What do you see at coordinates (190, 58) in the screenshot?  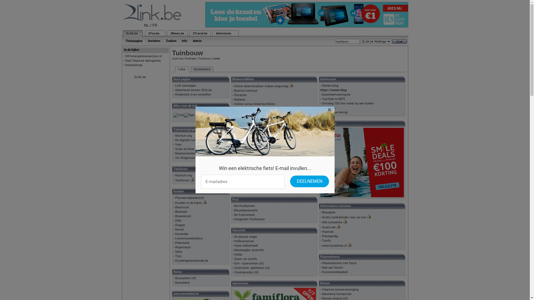 I see `'Dochters'` at bounding box center [190, 58].